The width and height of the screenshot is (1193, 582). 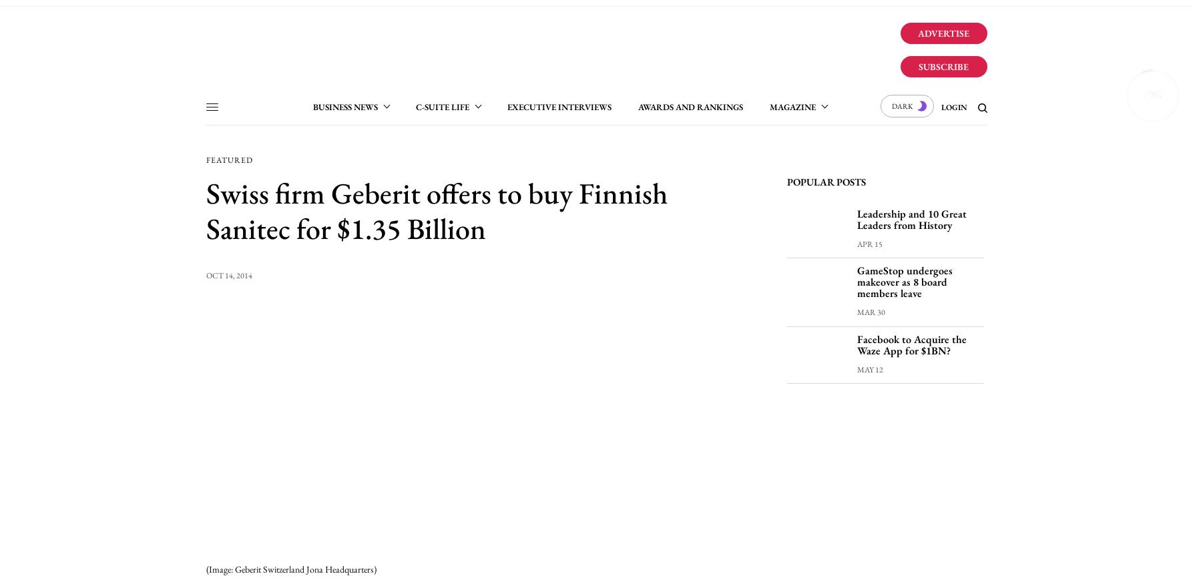 What do you see at coordinates (401, 166) in the screenshot?
I see `'Daily Zen'` at bounding box center [401, 166].